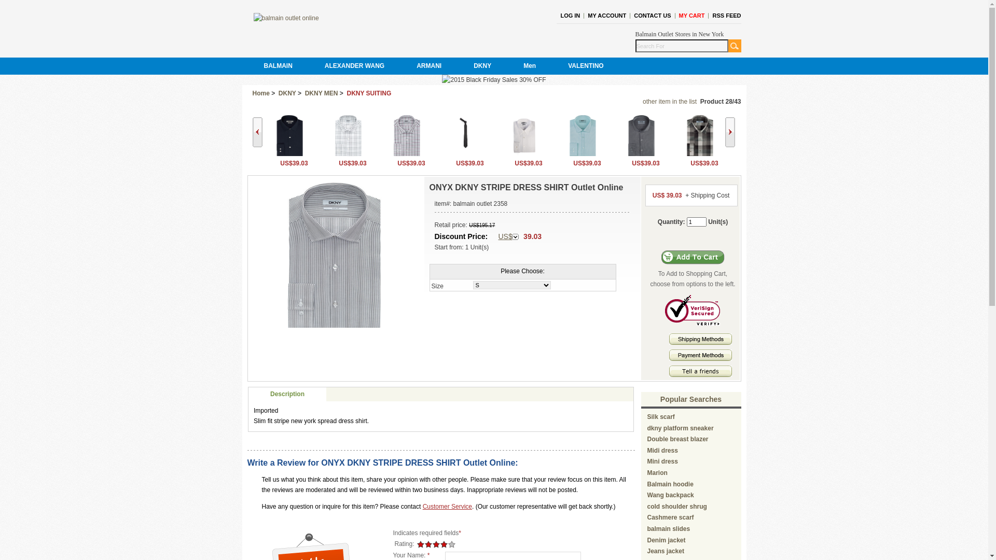 This screenshot has width=996, height=560. I want to click on ' Tell A Friends ', so click(700, 371).